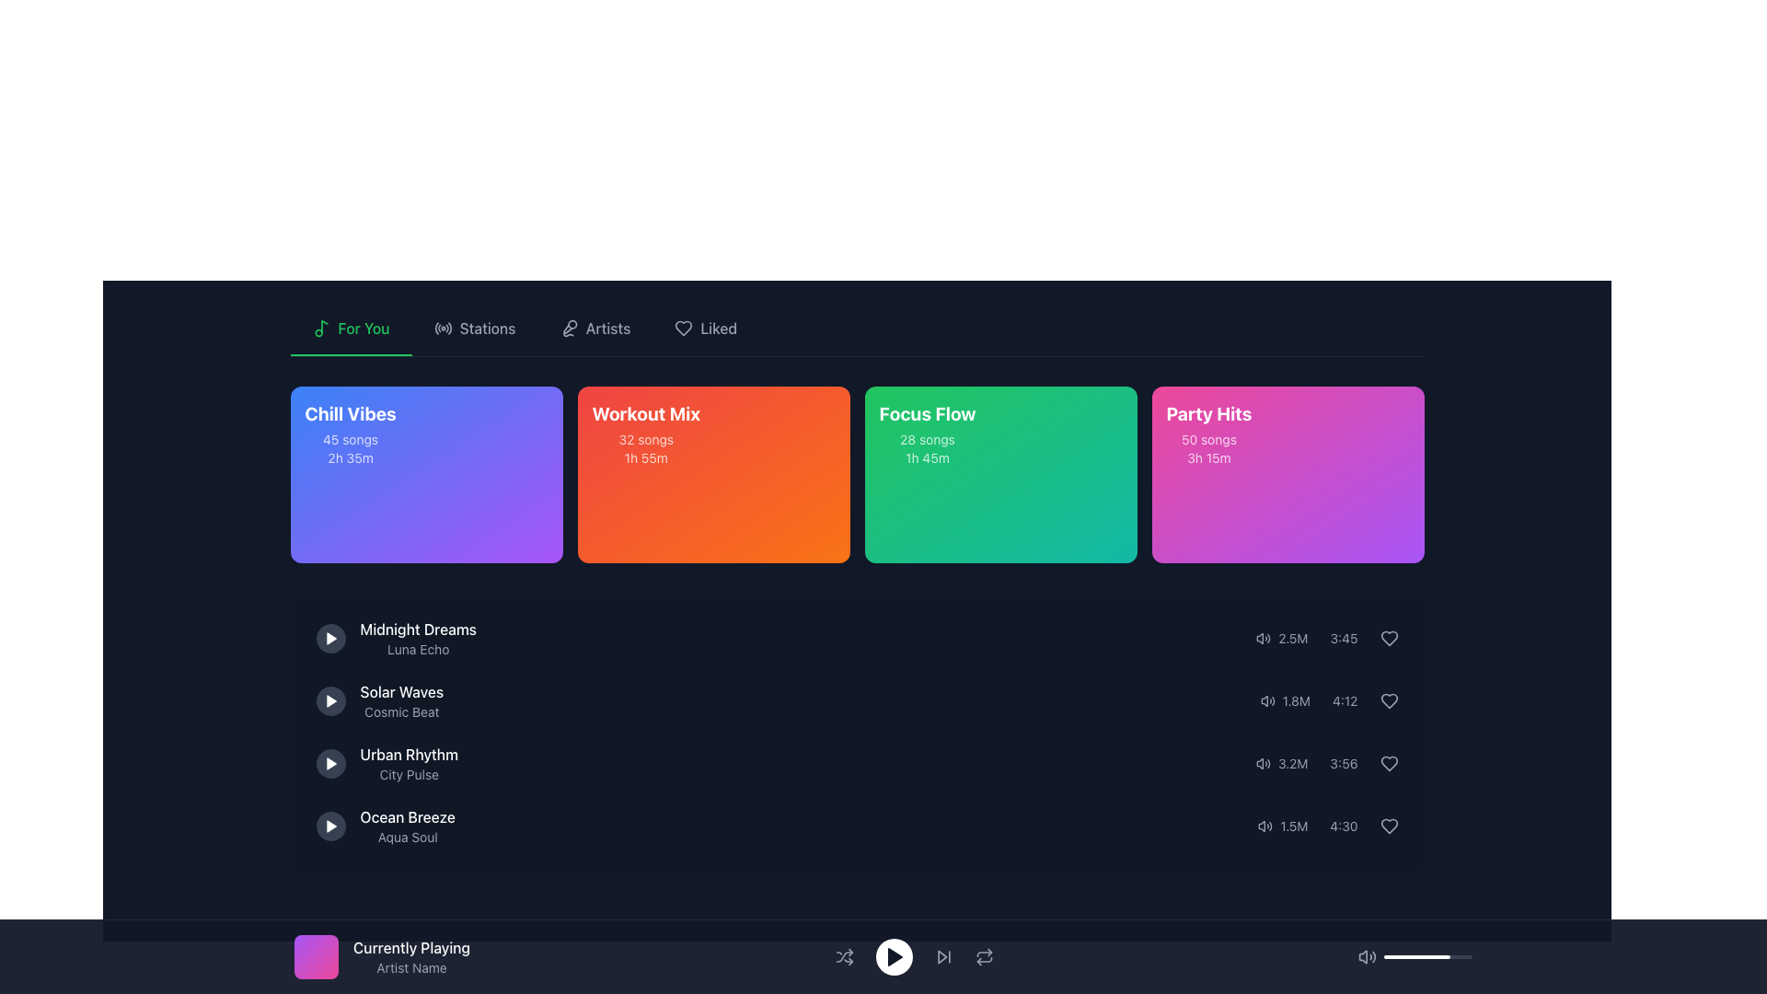 This screenshot has width=1767, height=994. What do you see at coordinates (1449, 956) in the screenshot?
I see `slider value` at bounding box center [1449, 956].